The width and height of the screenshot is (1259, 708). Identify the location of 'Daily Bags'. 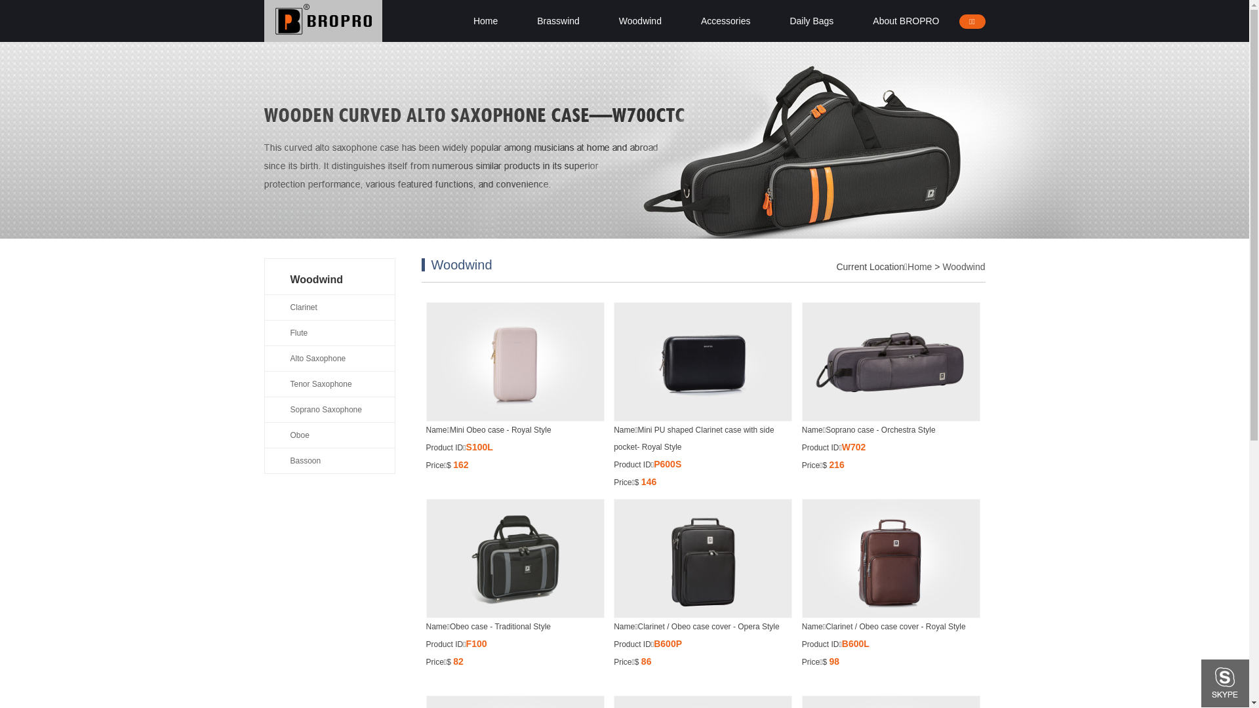
(770, 20).